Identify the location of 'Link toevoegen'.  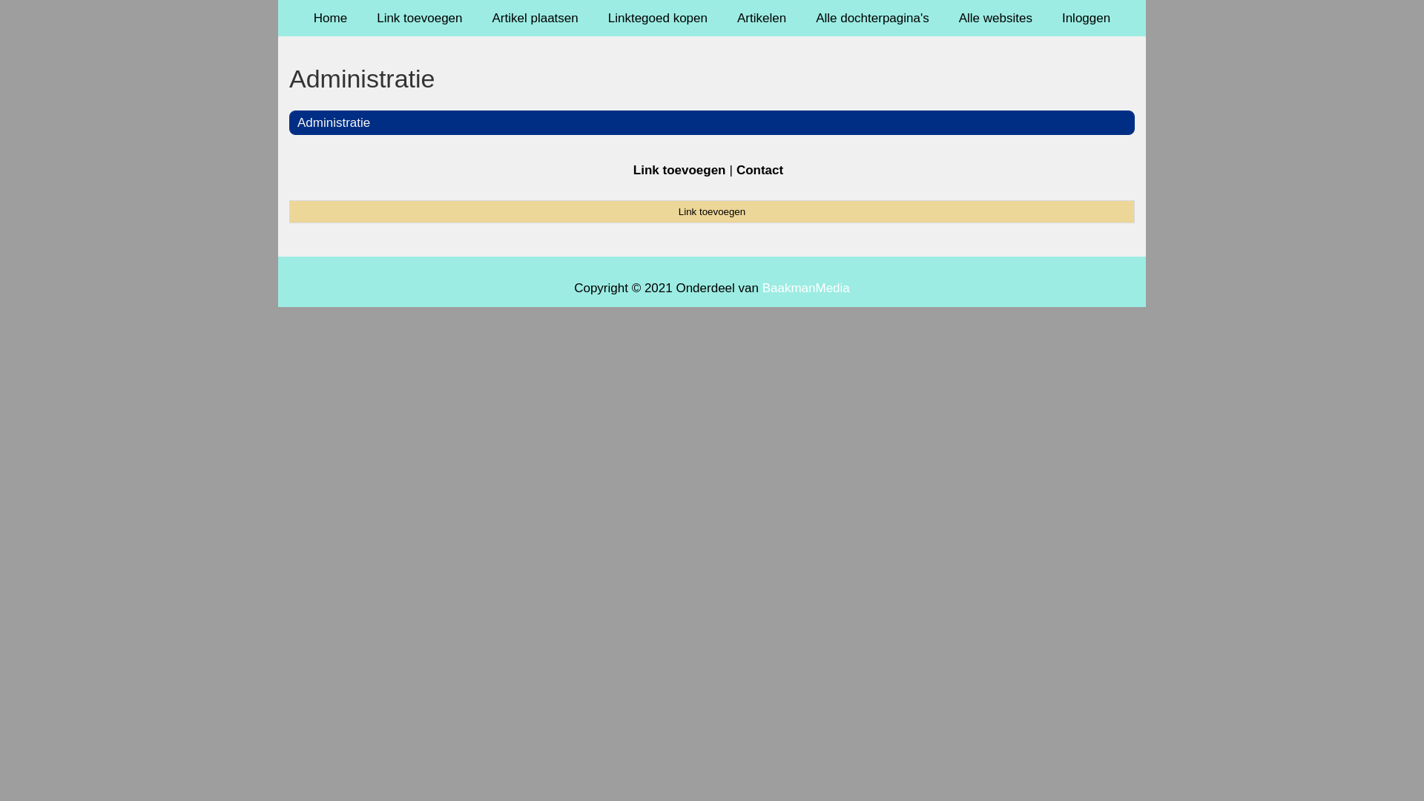
(712, 211).